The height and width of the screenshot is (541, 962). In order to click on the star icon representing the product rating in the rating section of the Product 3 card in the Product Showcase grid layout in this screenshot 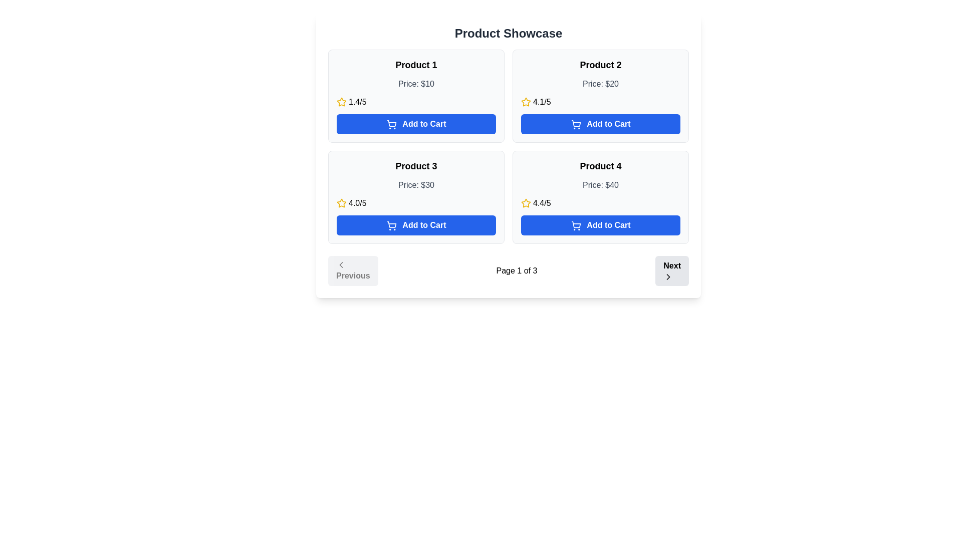, I will do `click(341, 203)`.